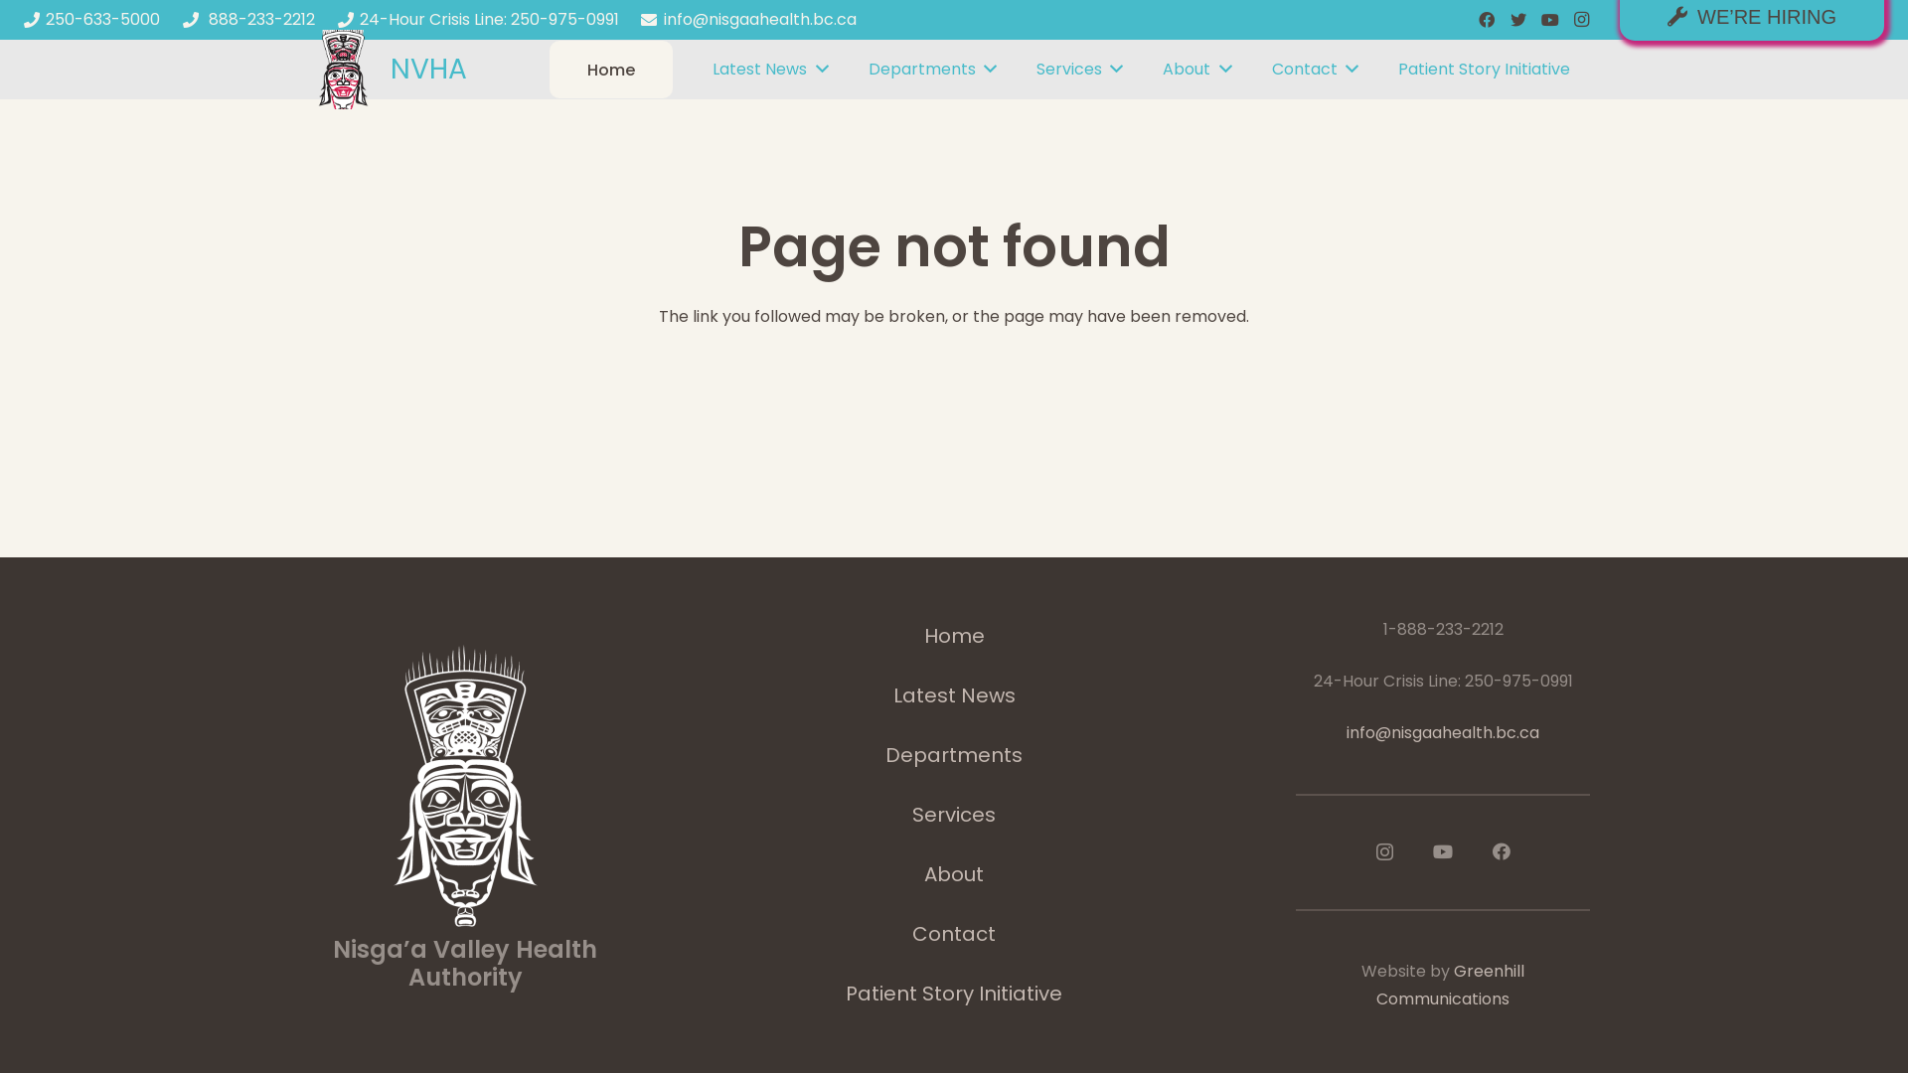 This screenshot has height=1073, width=1908. I want to click on 'NVHA', so click(427, 68).